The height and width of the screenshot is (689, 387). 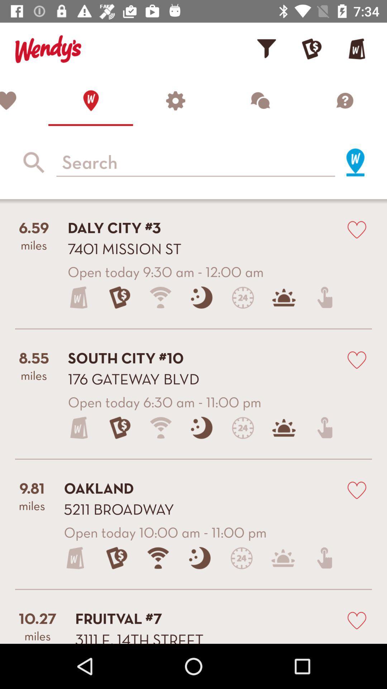 What do you see at coordinates (196, 162) in the screenshot?
I see `search bar to look up location` at bounding box center [196, 162].